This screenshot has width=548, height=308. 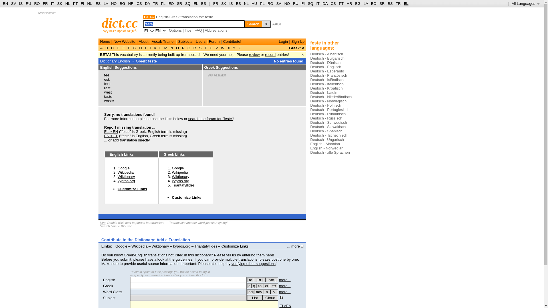 I want to click on 'EN > EL', so click(x=104, y=136).